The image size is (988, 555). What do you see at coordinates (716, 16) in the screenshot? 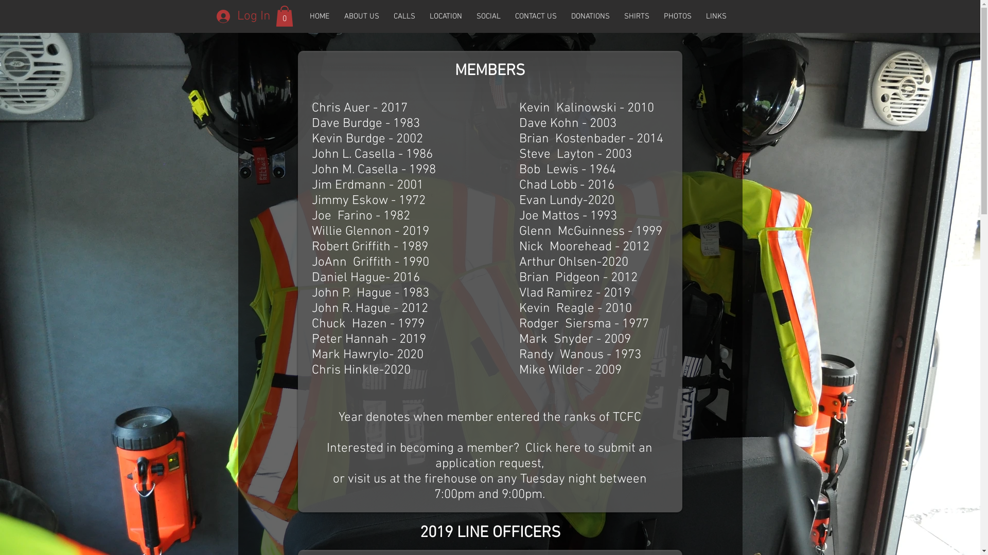
I see `'LINKS'` at bounding box center [716, 16].